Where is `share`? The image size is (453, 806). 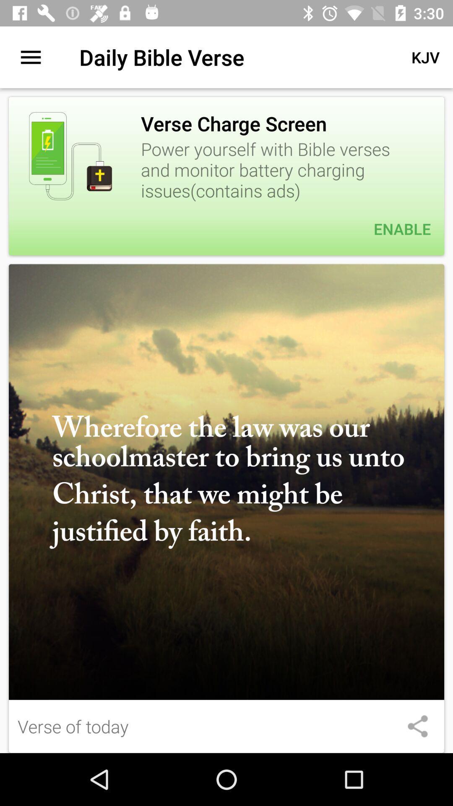
share is located at coordinates (417, 726).